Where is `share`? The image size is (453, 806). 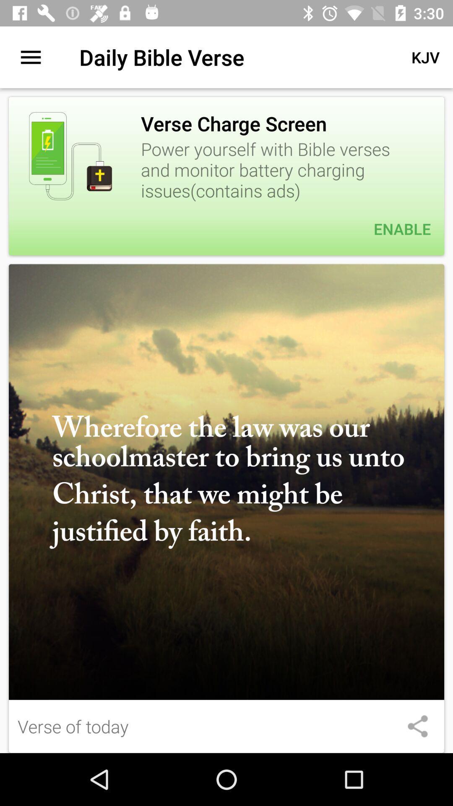
share is located at coordinates (417, 726).